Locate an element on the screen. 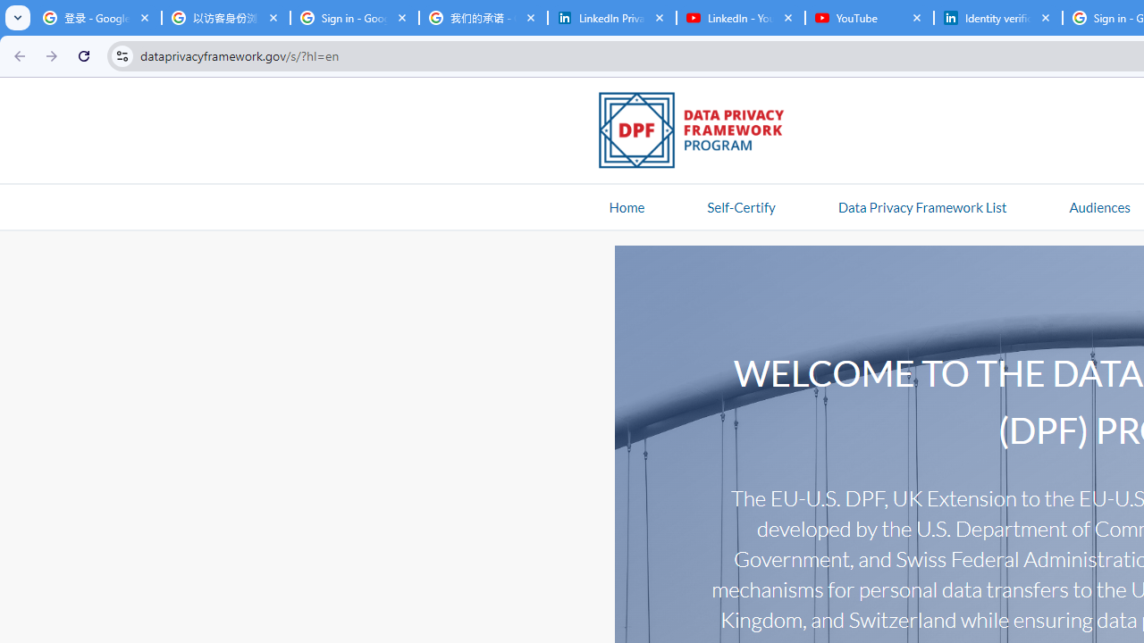 The width and height of the screenshot is (1144, 643). 'Data Privacy Framework Logo - Link to Homepage' is located at coordinates (700, 132).